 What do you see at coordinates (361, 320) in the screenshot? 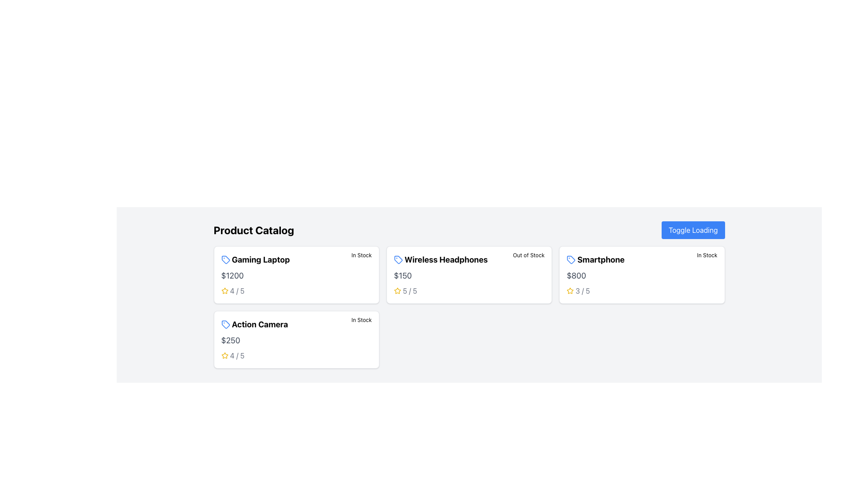
I see `the 'In Stock' badge located in the top-right corner of the 'Action Camera' product panel to indicate its availability status` at bounding box center [361, 320].